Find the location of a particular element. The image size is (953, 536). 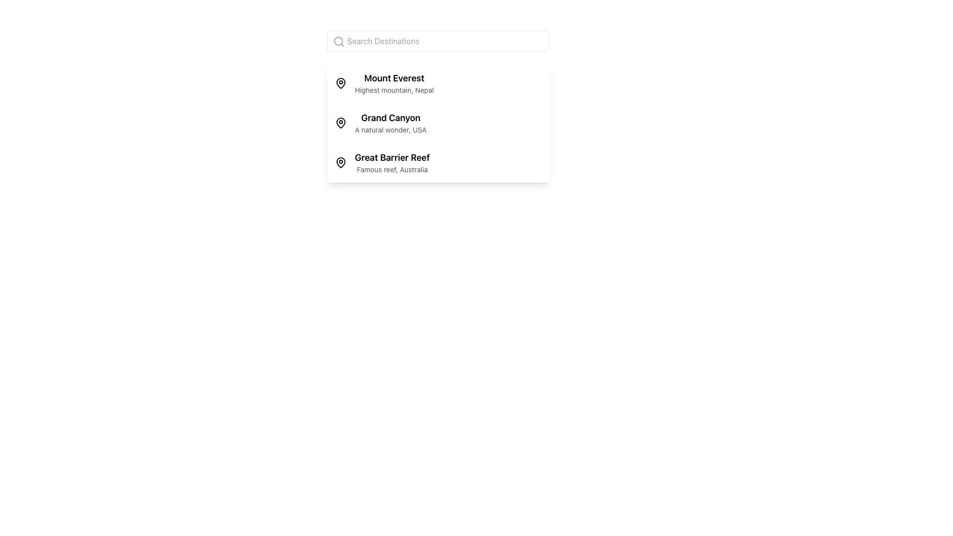

the outer structure of the location pin icon next to the text 'Great Barrier Reef' in the list of destinations is located at coordinates (340, 162).